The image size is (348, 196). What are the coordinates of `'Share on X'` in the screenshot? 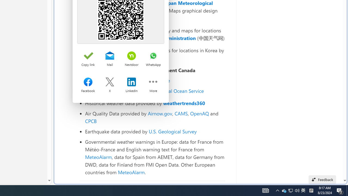 It's located at (109, 82).